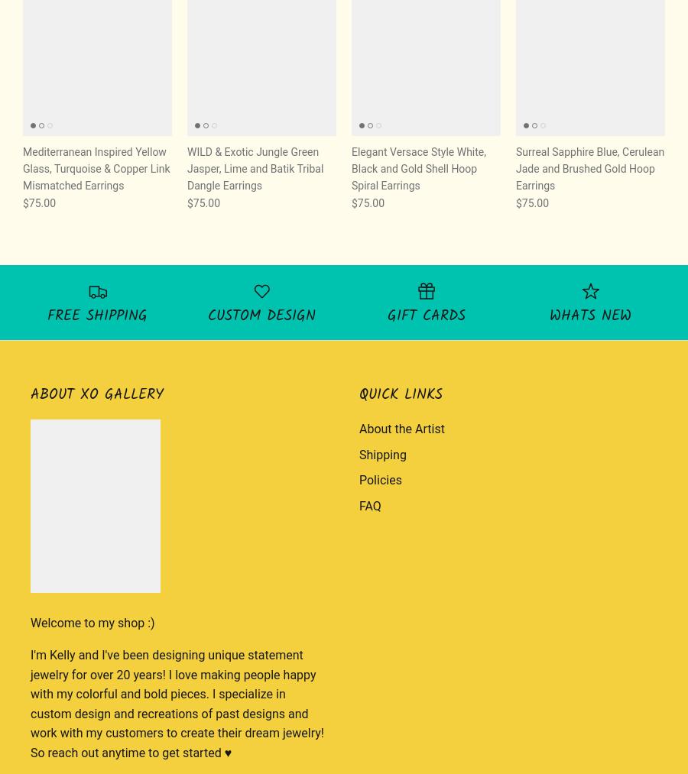 The height and width of the screenshot is (774, 688). What do you see at coordinates (632, 219) in the screenshot?
I see `'(DOP $)'` at bounding box center [632, 219].